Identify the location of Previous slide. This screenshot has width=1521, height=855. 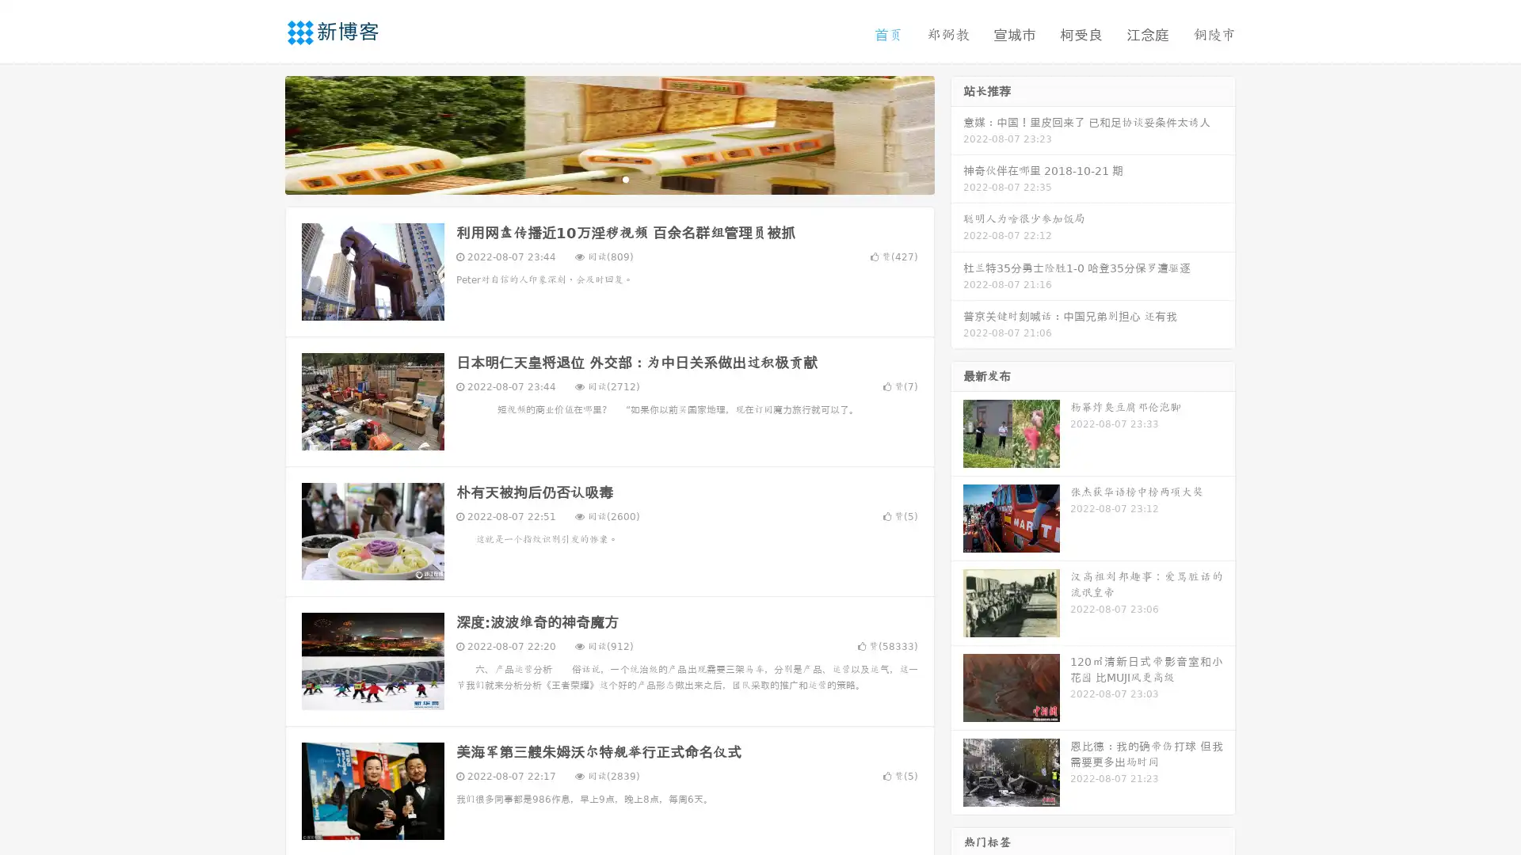
(261, 133).